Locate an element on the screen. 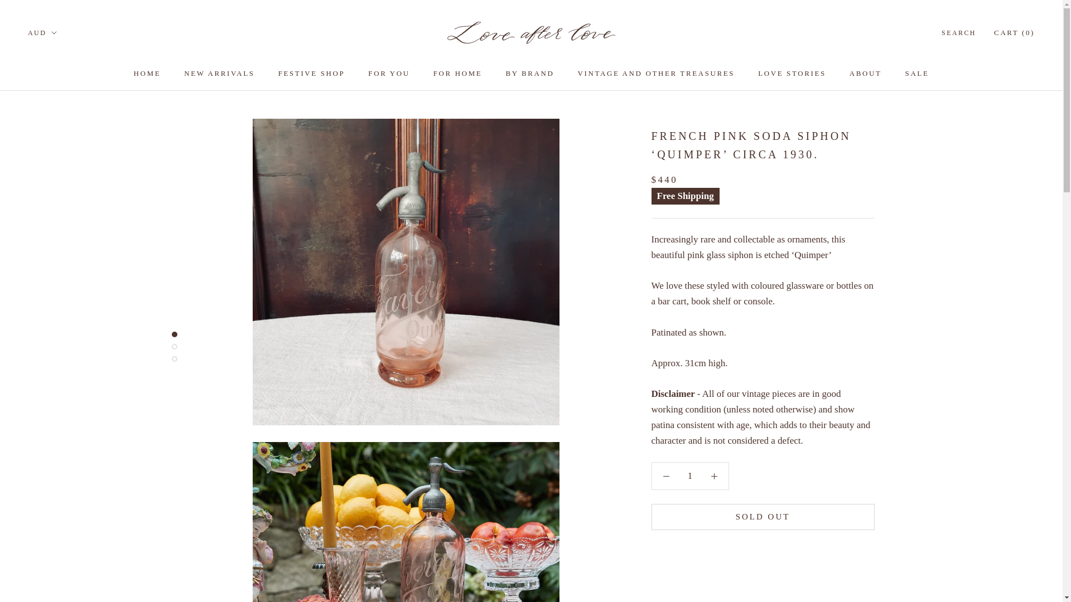  'VINTAGE AND OTHER TREASURES' is located at coordinates (656, 73).